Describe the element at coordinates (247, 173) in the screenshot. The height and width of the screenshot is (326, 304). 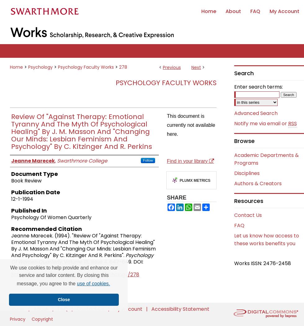
I see `'Disciplines'` at that location.